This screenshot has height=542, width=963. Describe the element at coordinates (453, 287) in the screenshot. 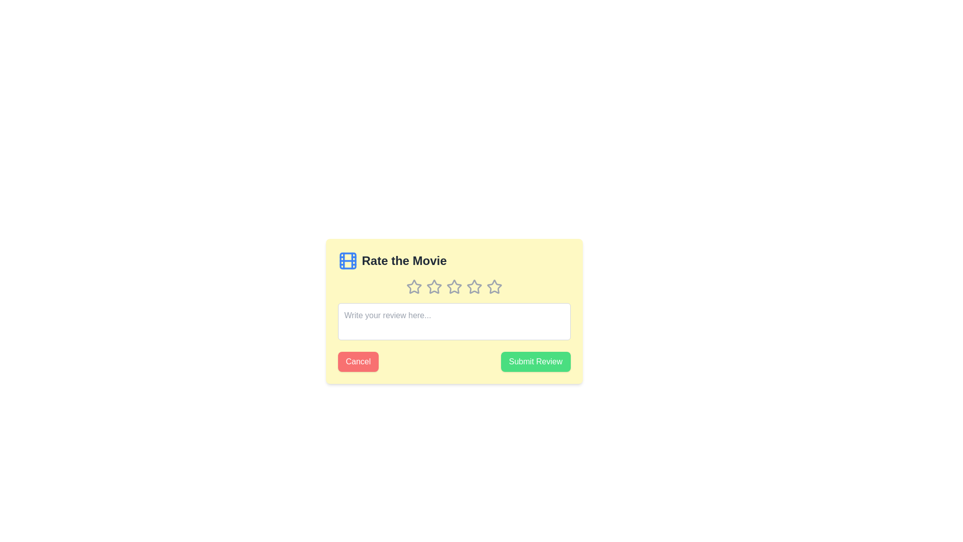

I see `the highlighted third star in the interactive star rating component` at that location.